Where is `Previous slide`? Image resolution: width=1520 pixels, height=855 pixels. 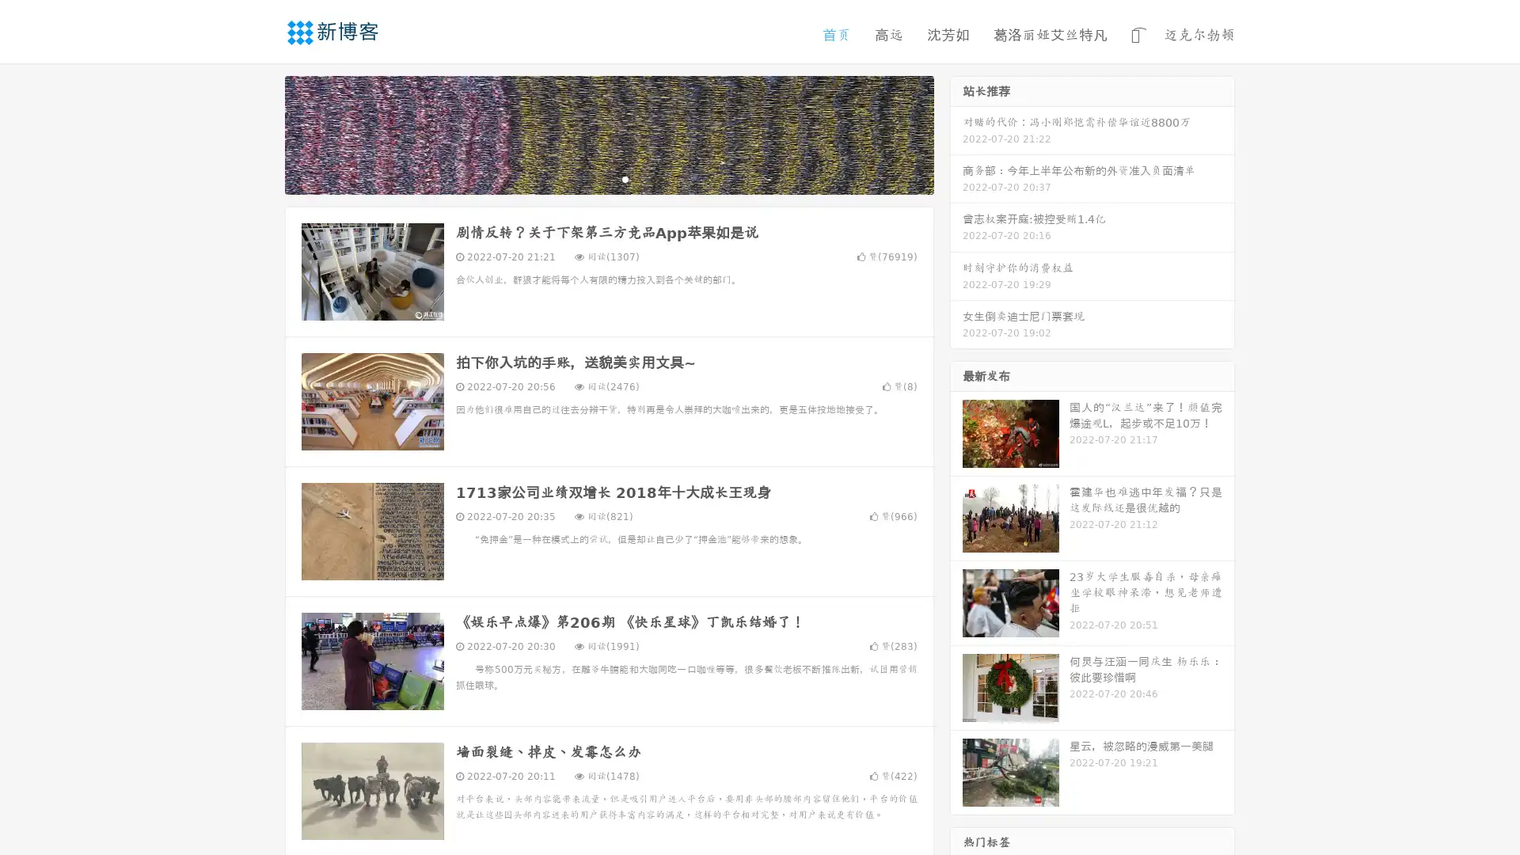 Previous slide is located at coordinates (261, 133).